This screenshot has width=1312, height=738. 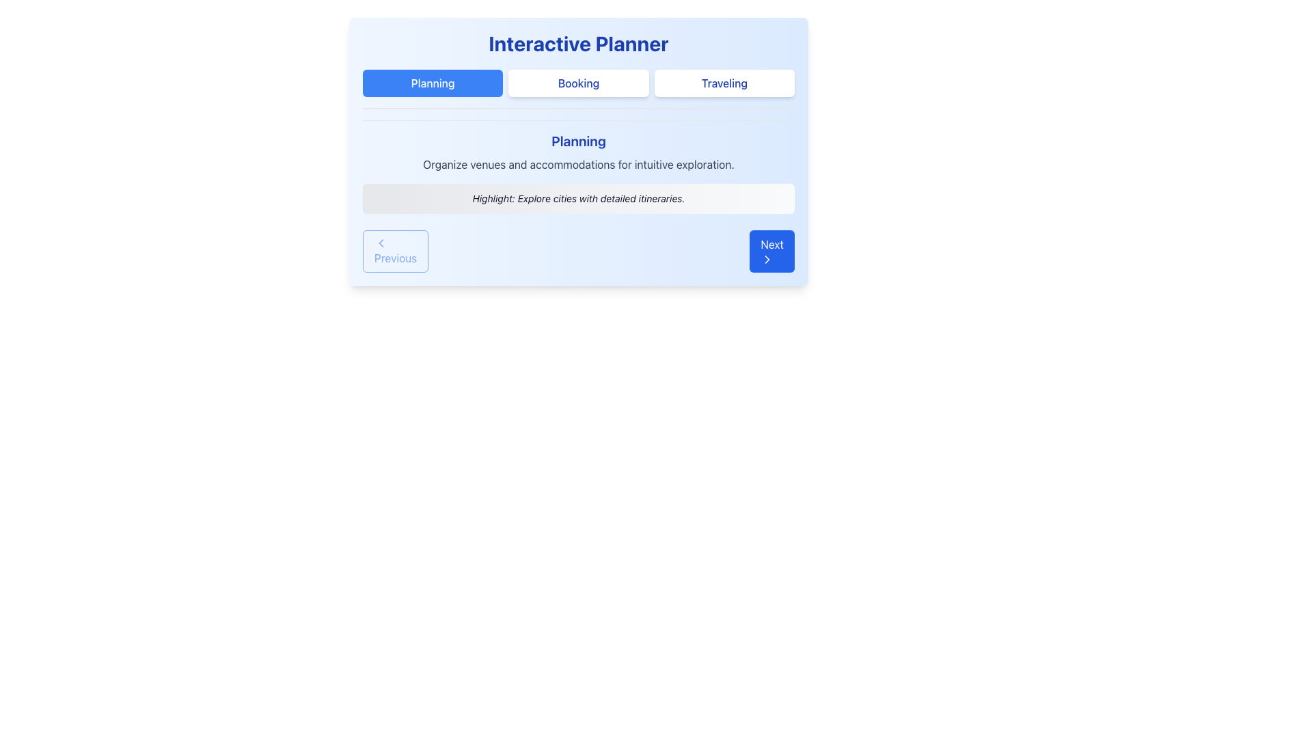 What do you see at coordinates (578, 90) in the screenshot?
I see `the 'Booking' button located between the 'Planning' and 'Traveling' buttons under the 'Interactive Planner' heading` at bounding box center [578, 90].